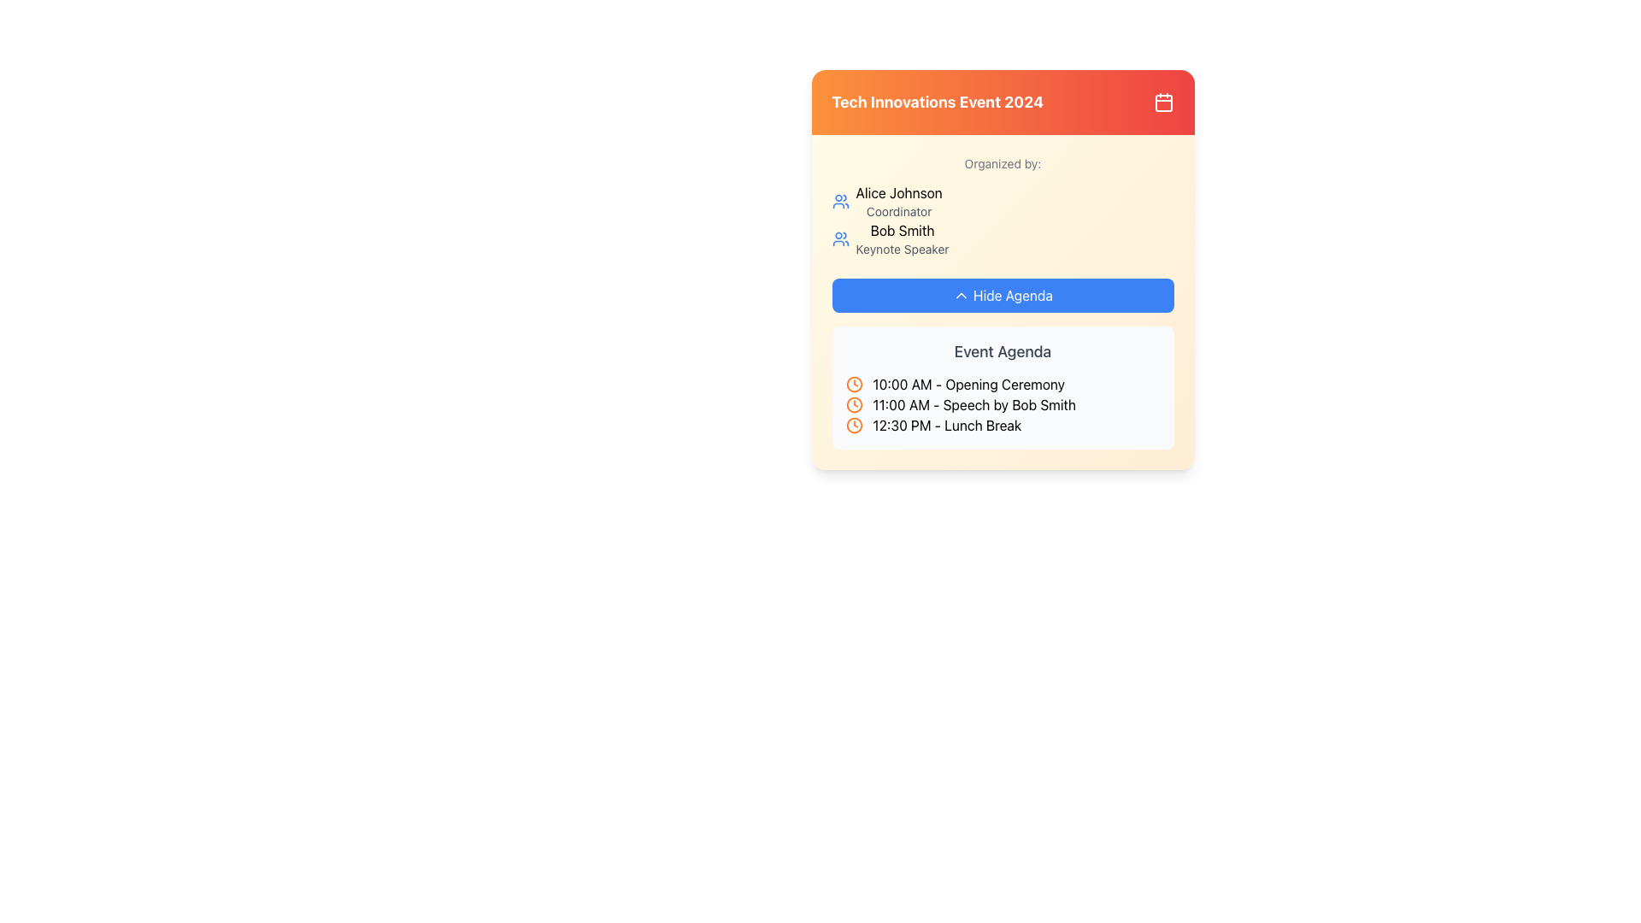 The height and width of the screenshot is (923, 1641). What do you see at coordinates (946, 424) in the screenshot?
I see `the text label displaying '12:30 PM - Lunch Break' to select the text` at bounding box center [946, 424].